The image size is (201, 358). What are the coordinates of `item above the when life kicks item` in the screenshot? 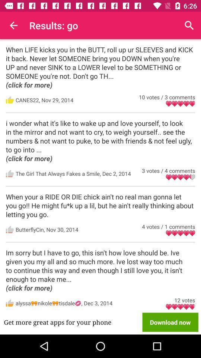 It's located at (189, 25).